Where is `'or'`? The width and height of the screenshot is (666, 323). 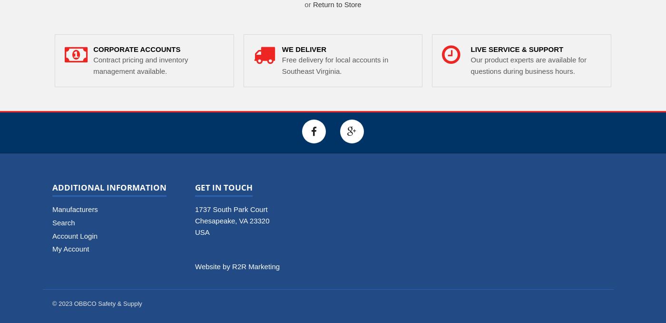
'or' is located at coordinates (308, 3).